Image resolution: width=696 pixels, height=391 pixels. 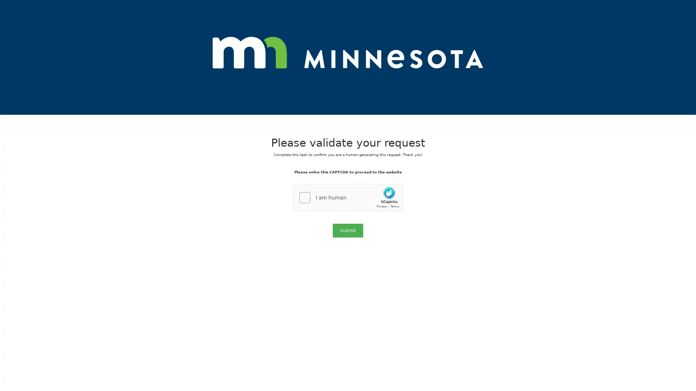 What do you see at coordinates (348, 230) in the screenshot?
I see `Submit` at bounding box center [348, 230].